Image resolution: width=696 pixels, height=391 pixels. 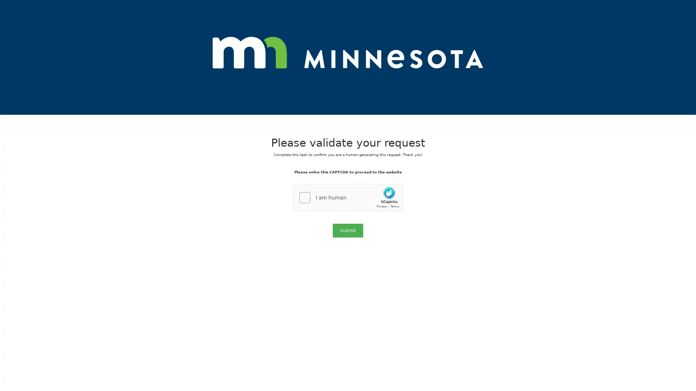 What do you see at coordinates (348, 230) in the screenshot?
I see `Submit` at bounding box center [348, 230].